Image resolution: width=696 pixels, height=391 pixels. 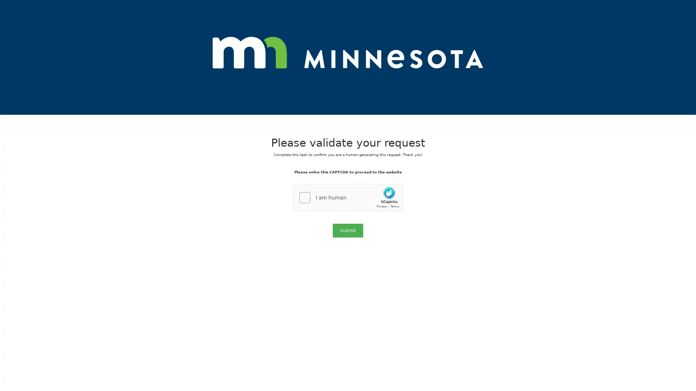 What do you see at coordinates (348, 230) in the screenshot?
I see `Submit` at bounding box center [348, 230].